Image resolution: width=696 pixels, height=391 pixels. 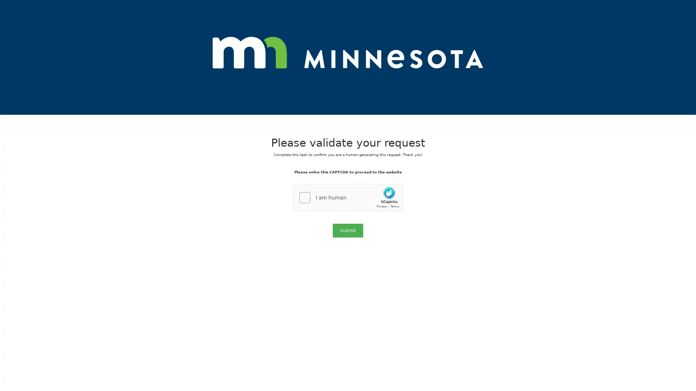 What do you see at coordinates (348, 230) in the screenshot?
I see `Submit` at bounding box center [348, 230].